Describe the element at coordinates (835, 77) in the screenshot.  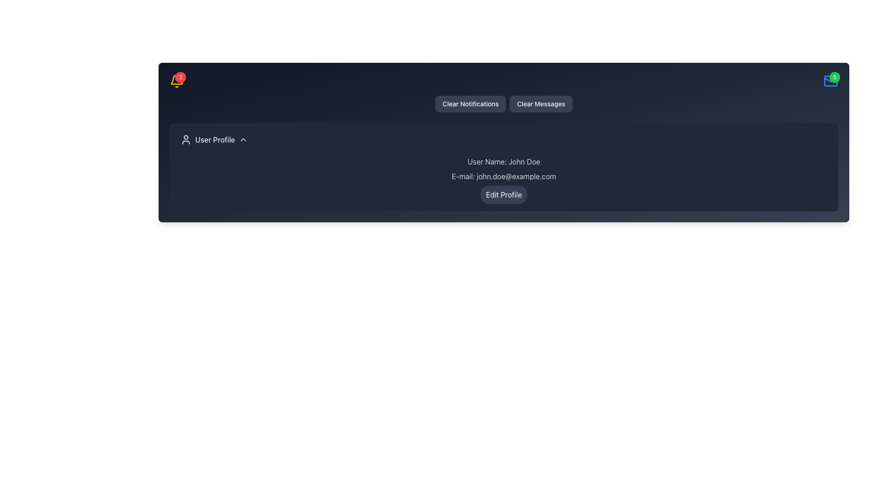
I see `the small green circular notification badge displaying the number '5' at the top right corner of the mail icon` at that location.